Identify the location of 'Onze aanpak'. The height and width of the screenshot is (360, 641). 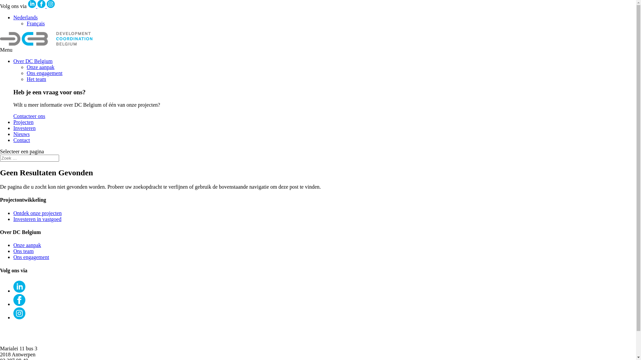
(27, 245).